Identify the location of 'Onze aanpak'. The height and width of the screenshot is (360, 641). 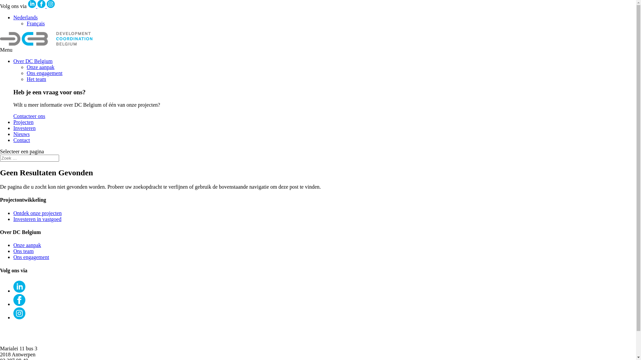
(27, 245).